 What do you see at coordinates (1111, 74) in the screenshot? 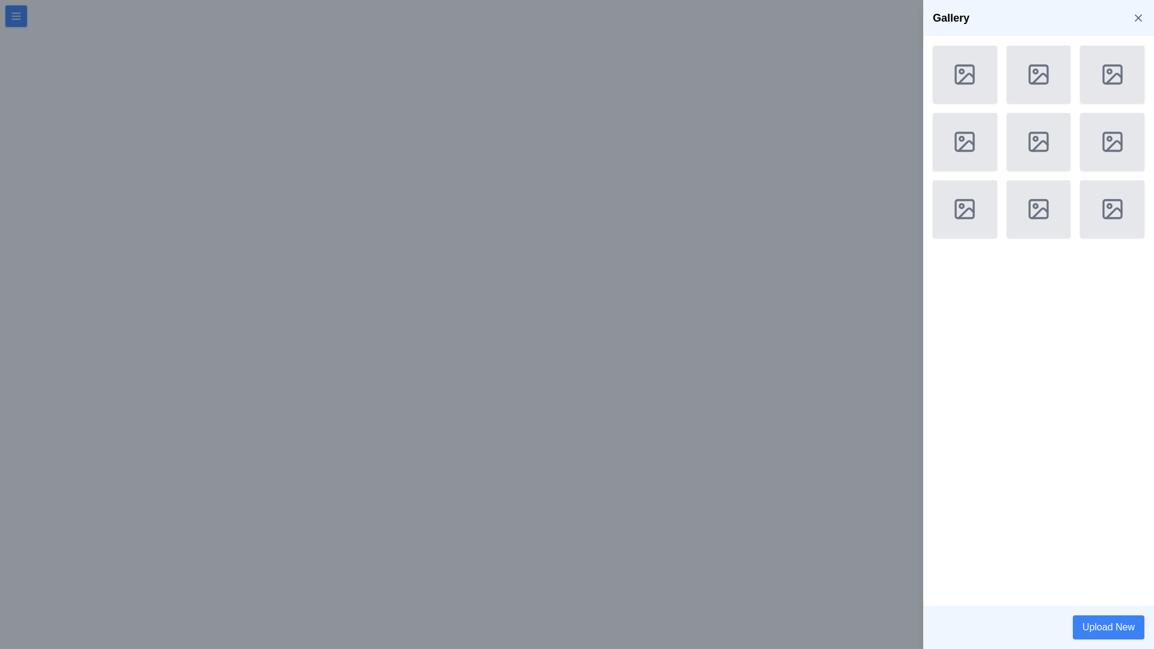
I see `the fourth icon in the top row of the 3x3 grid layout` at bounding box center [1111, 74].